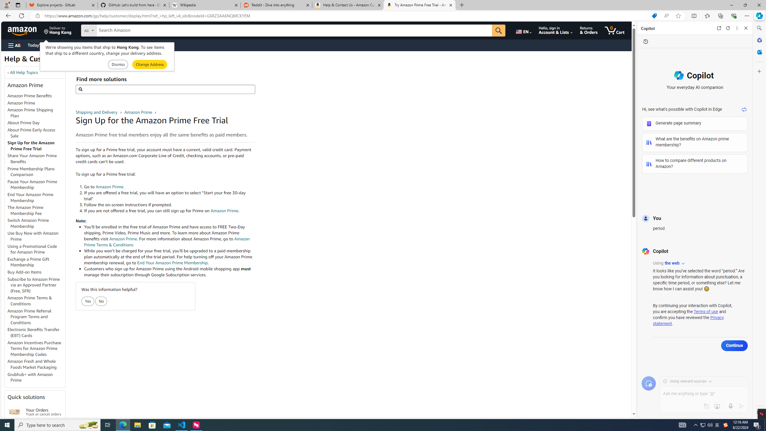 The width and height of the screenshot is (766, 431). Describe the element at coordinates (24, 72) in the screenshot. I see `'All Help Topics'` at that location.